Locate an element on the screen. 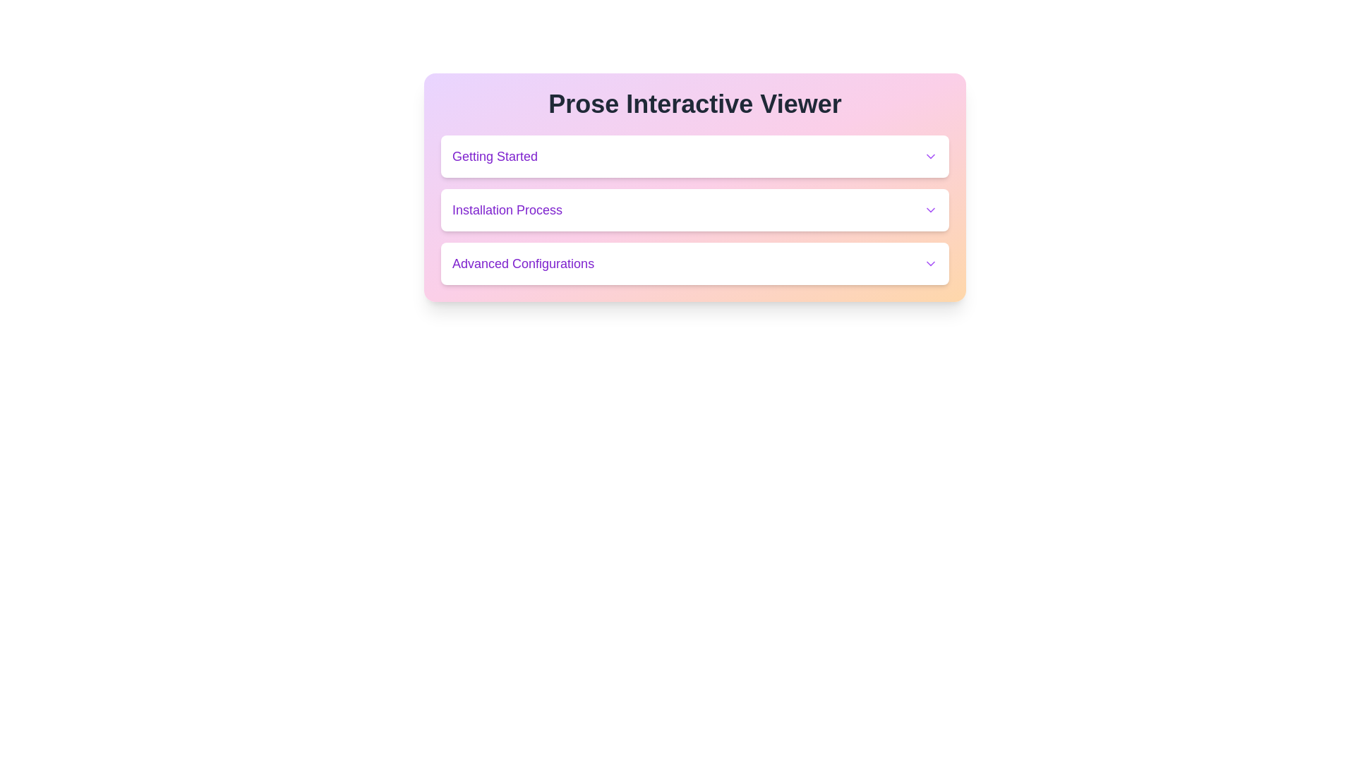 This screenshot has height=762, width=1355. the icon located at the far right of the 'Installation Process' section, which serves as an indicator for a collapsible section or dropdown menu is located at coordinates (931, 210).